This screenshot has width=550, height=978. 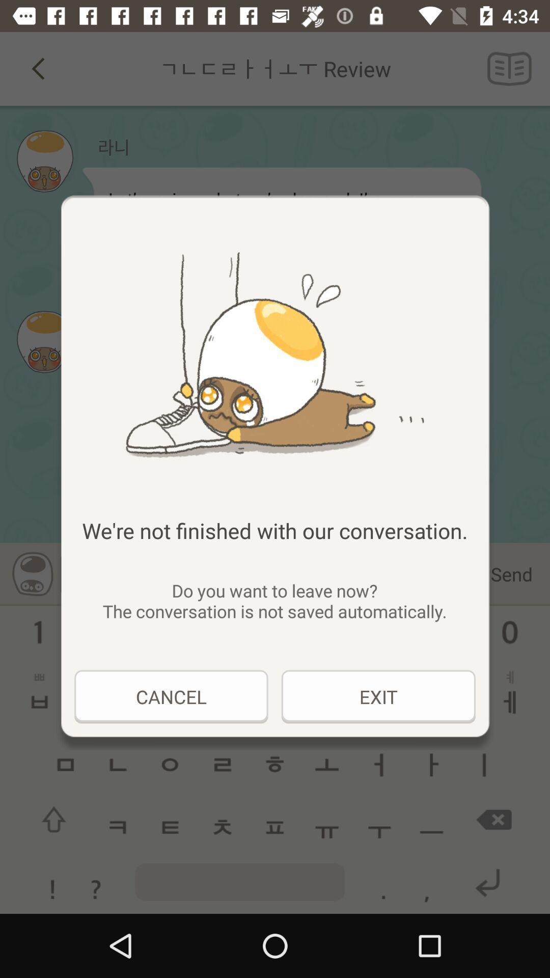 What do you see at coordinates (378, 696) in the screenshot?
I see `exit button` at bounding box center [378, 696].